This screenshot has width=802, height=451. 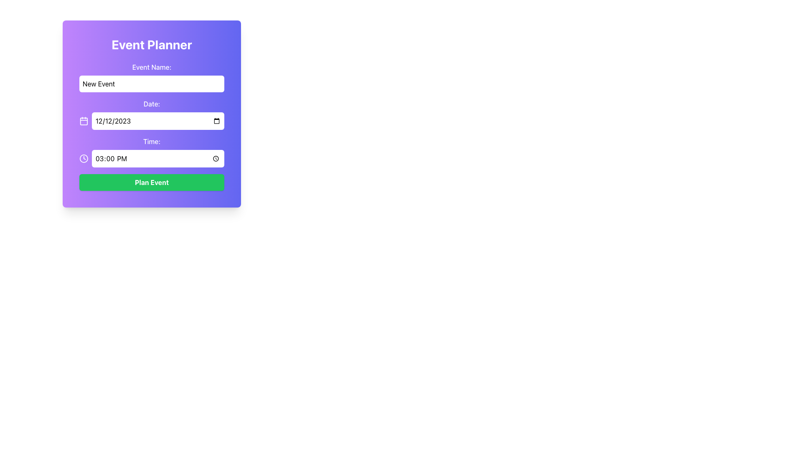 What do you see at coordinates (152, 104) in the screenshot?
I see `the text label 'Date:' which is styled with a bold, medium-sized font and positioned above the date picker input field in the event planning form` at bounding box center [152, 104].